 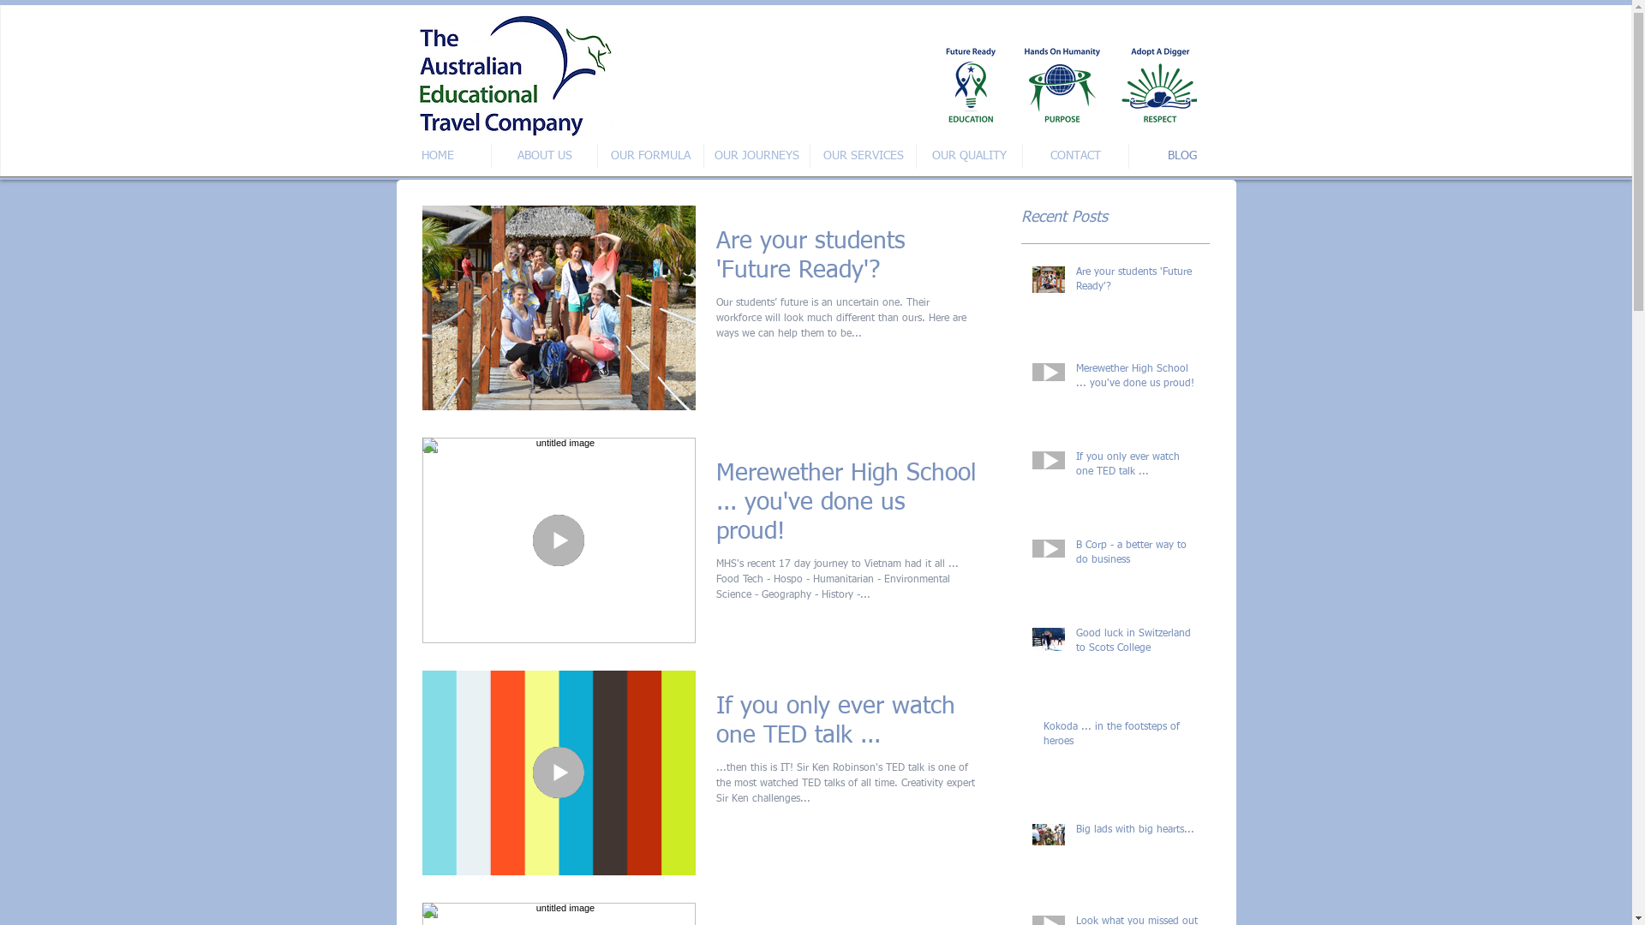 What do you see at coordinates (846, 506) in the screenshot?
I see `'Merewether High School ... you've done us proud!'` at bounding box center [846, 506].